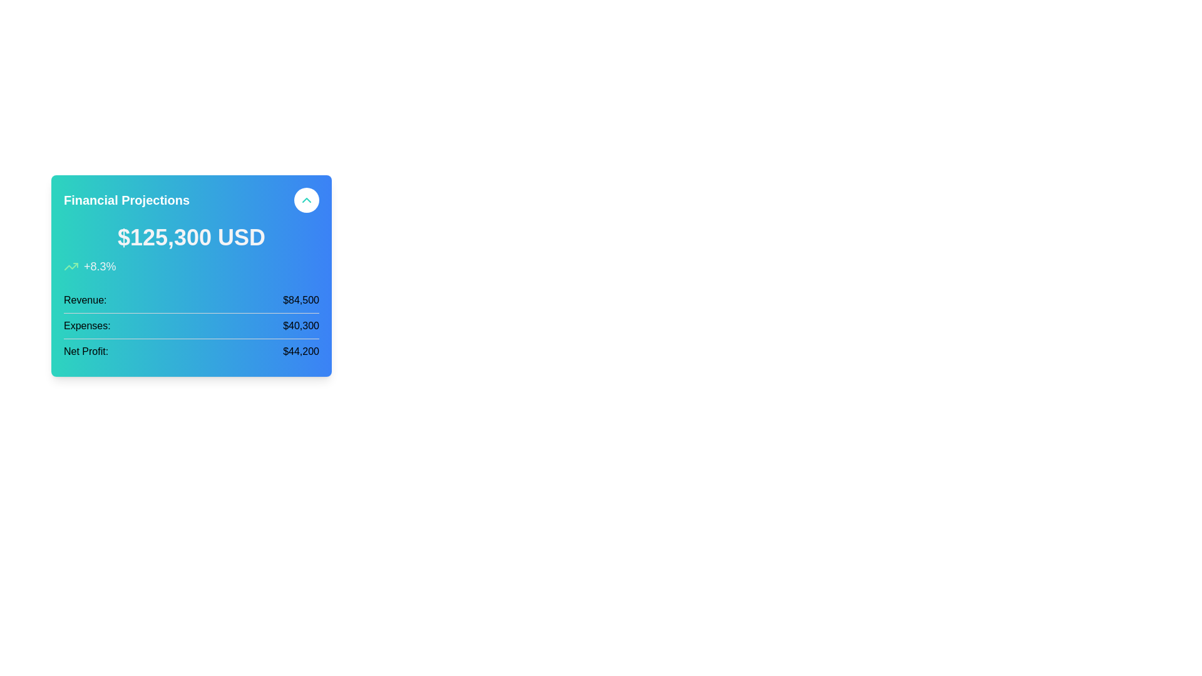  Describe the element at coordinates (191, 300) in the screenshot. I see `the revenue figure displayed in the first row of the vertical financial summary group, which is located at the top section of the listed items` at that location.